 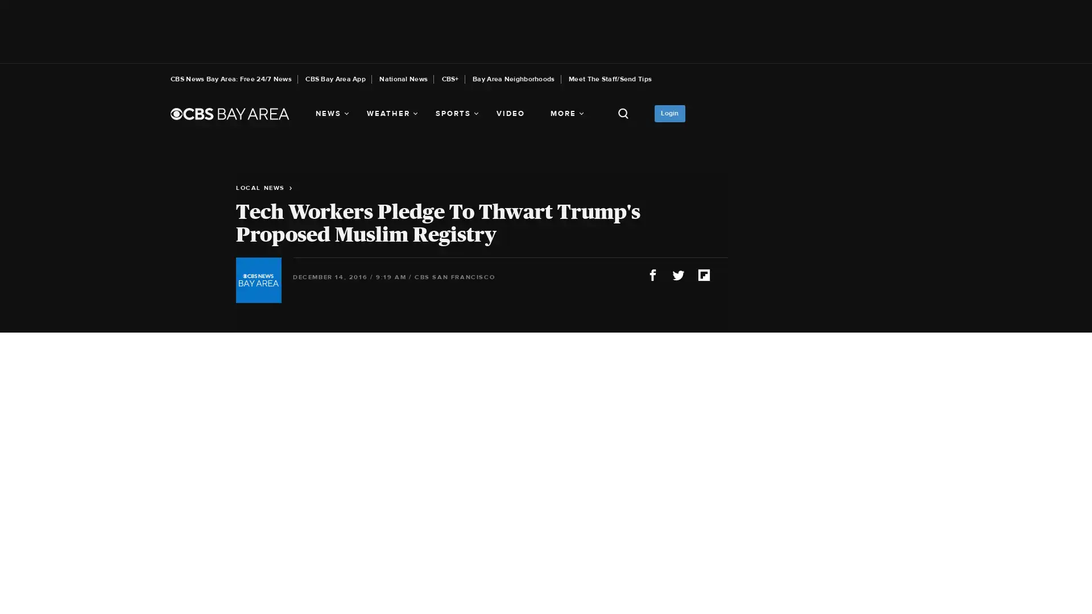 What do you see at coordinates (1080, 555) in the screenshot?
I see `data-label-visible` at bounding box center [1080, 555].